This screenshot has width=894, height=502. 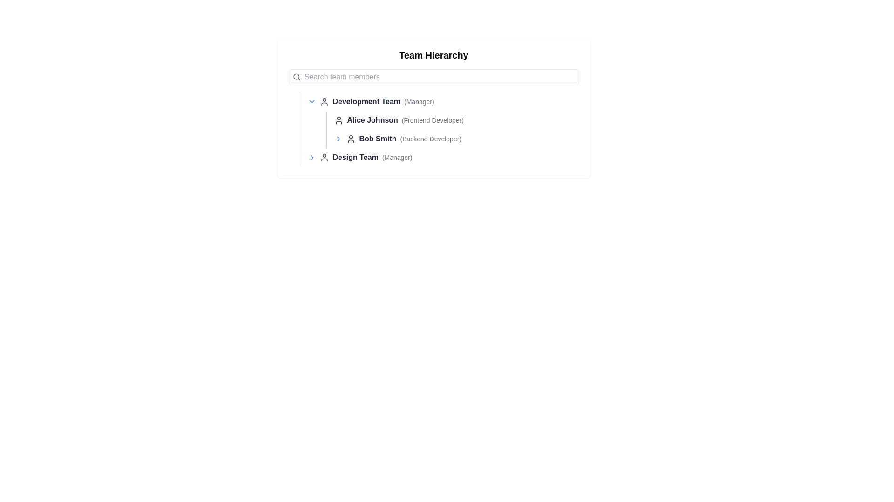 I want to click on the user/team manager icon located to the left of the text 'Design Team (Manager)' in the team entry row, so click(x=324, y=157).